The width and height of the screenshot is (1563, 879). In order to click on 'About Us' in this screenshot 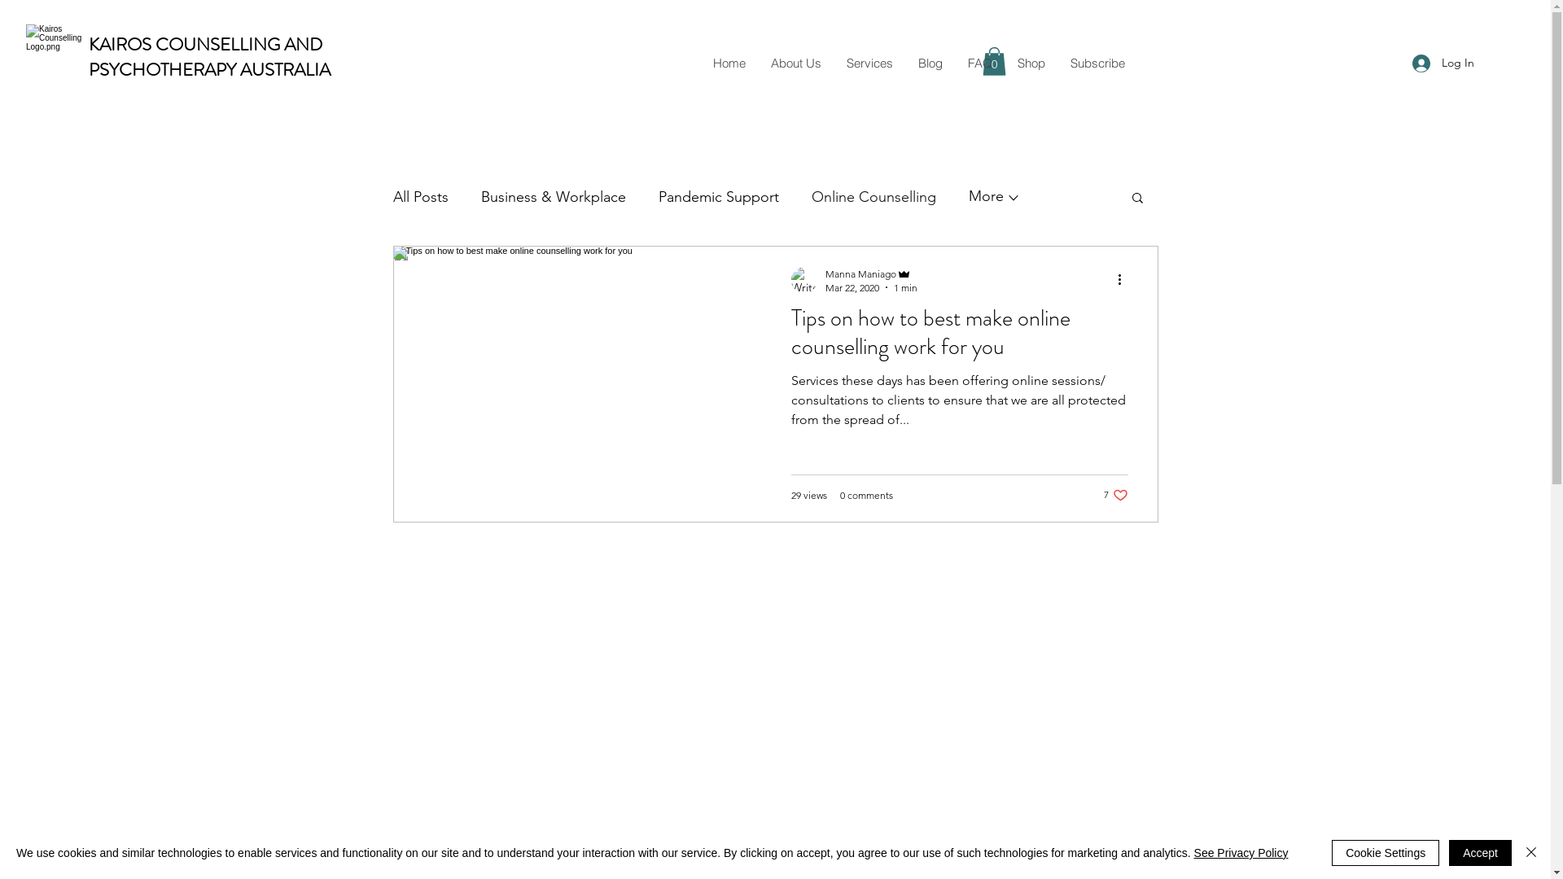, I will do `click(795, 62)`.